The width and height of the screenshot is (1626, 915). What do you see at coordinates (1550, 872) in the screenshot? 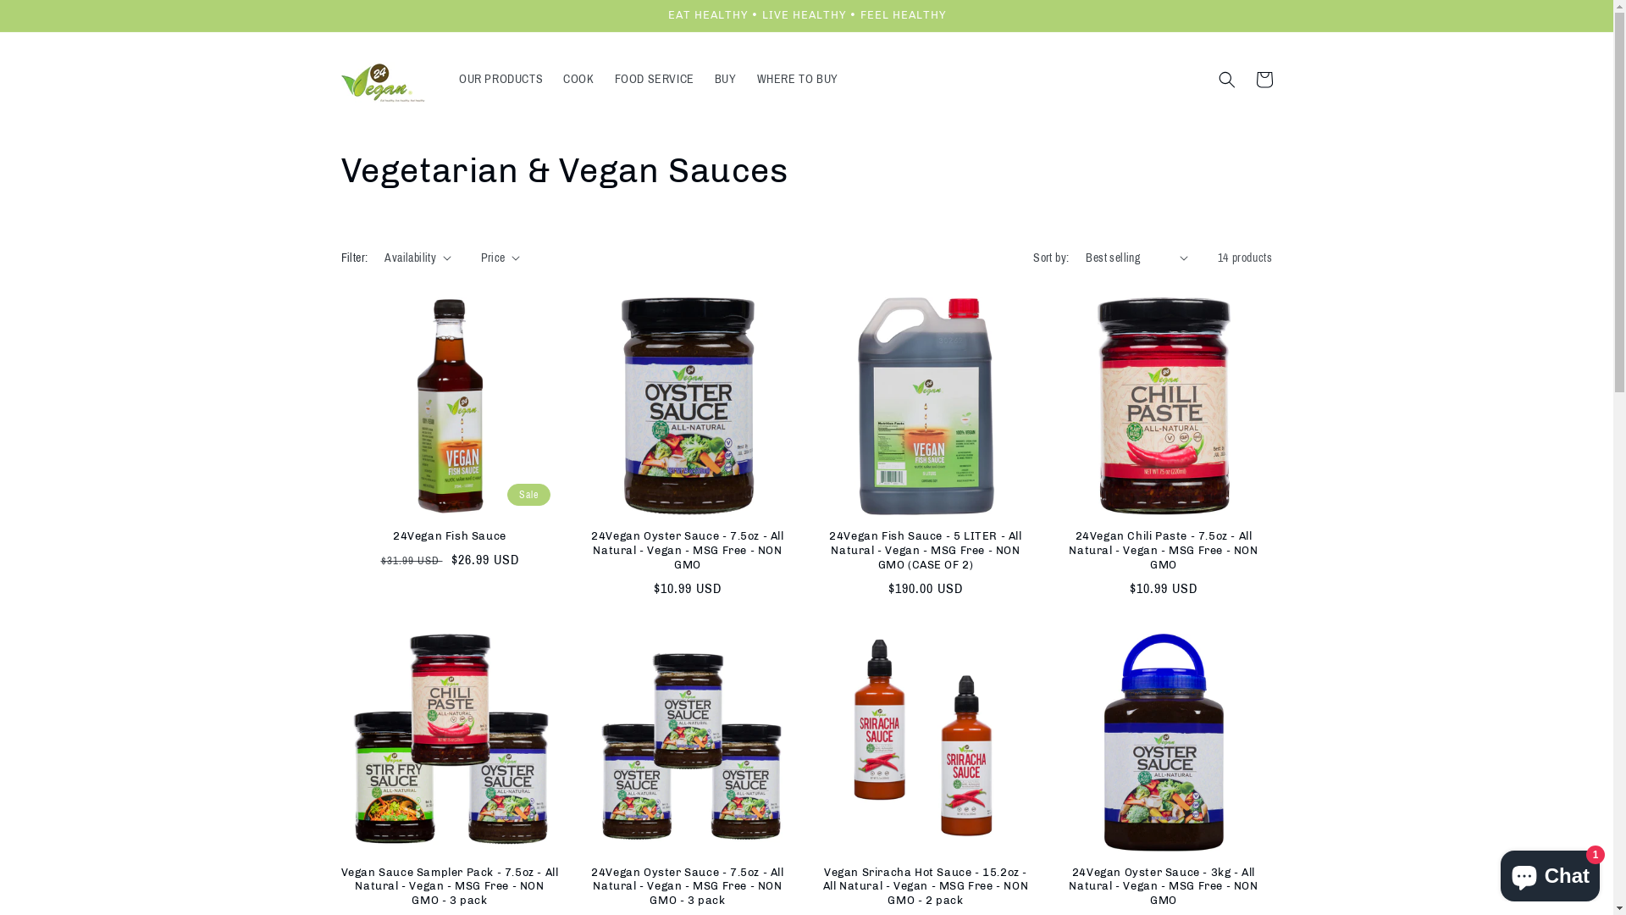
I see `'Shopify online store chat'` at bounding box center [1550, 872].